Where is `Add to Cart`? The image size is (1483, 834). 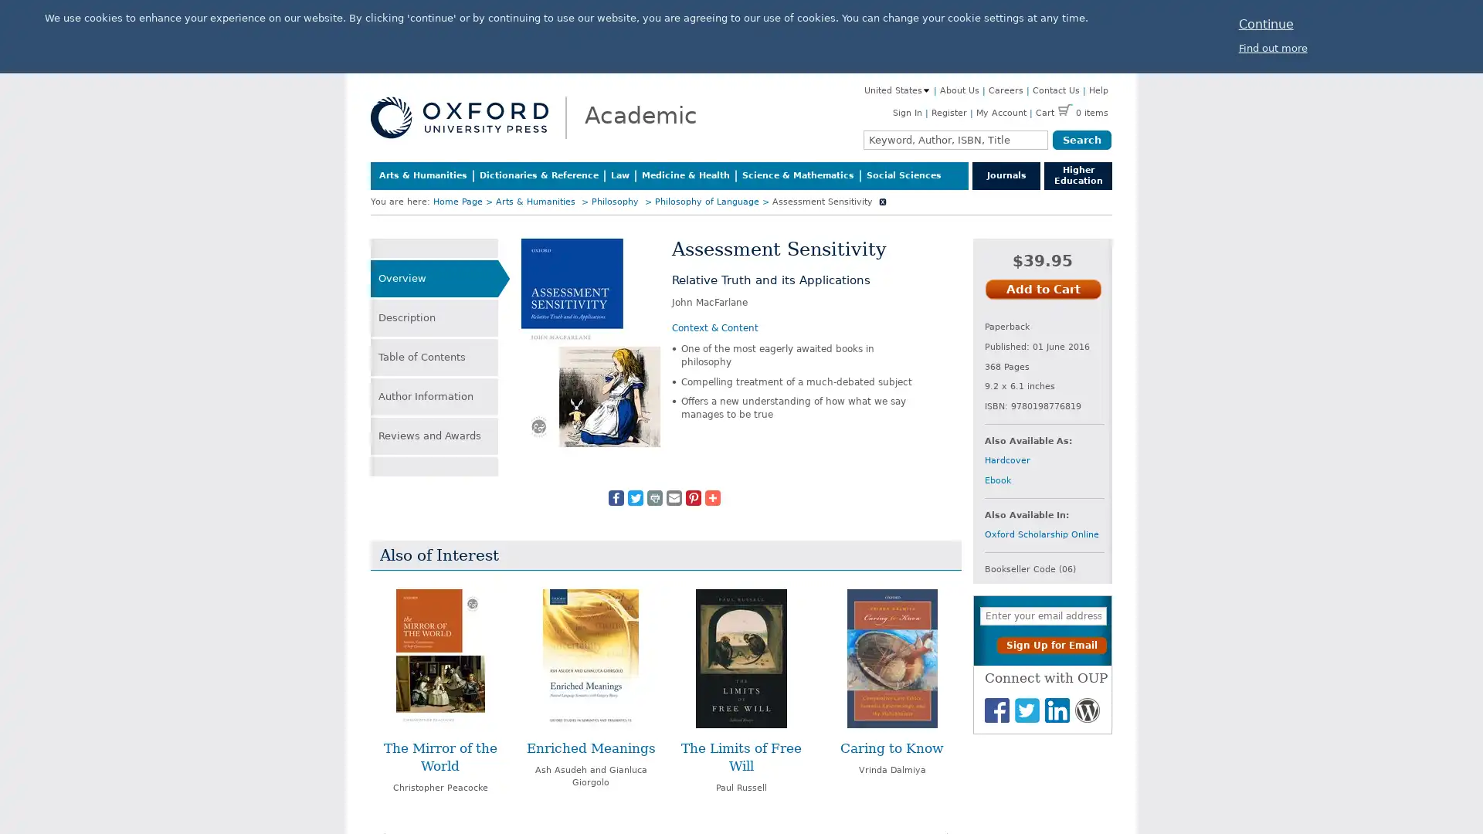
Add to Cart is located at coordinates (1043, 289).